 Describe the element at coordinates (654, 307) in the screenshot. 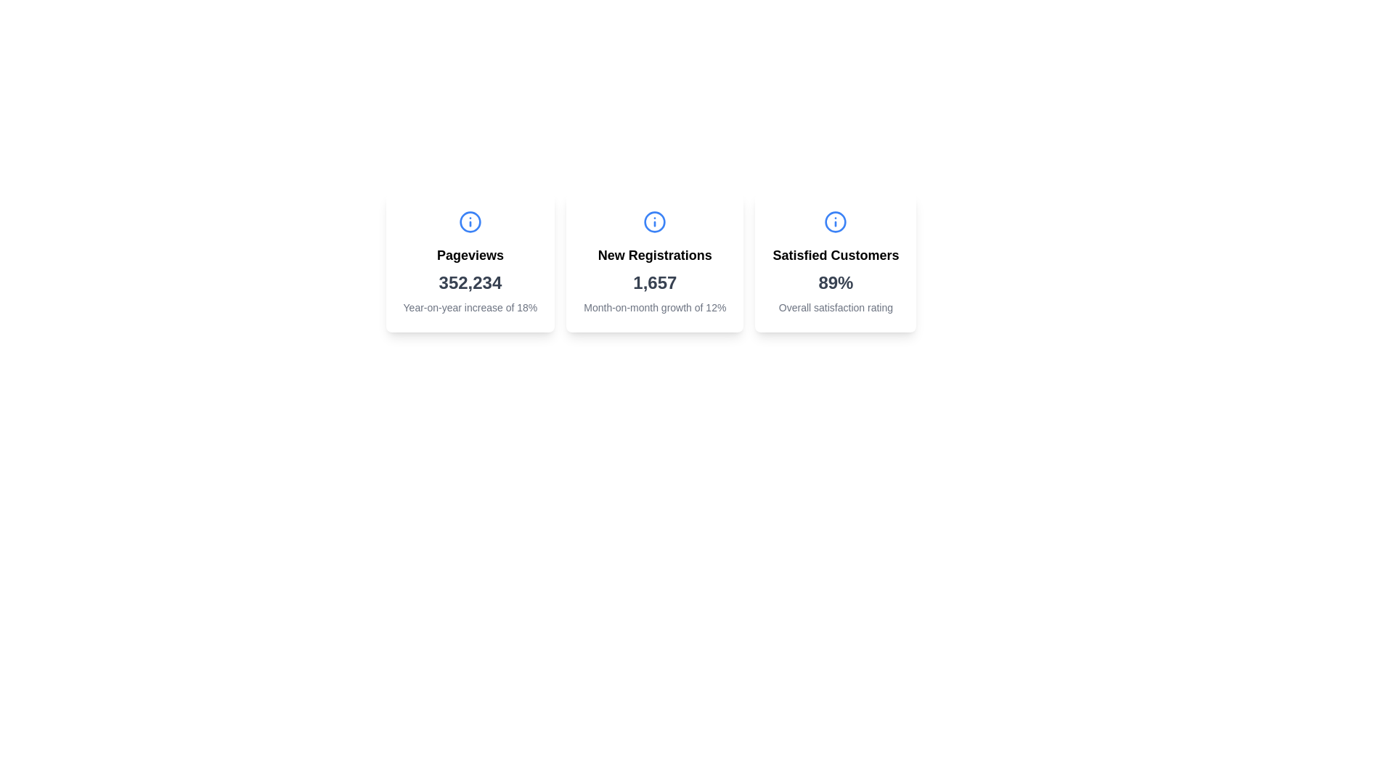

I see `percentage growth rate text label located at the bottom of the 'New Registrations' card, which is directly beneath the numerical value '1,657'` at that location.